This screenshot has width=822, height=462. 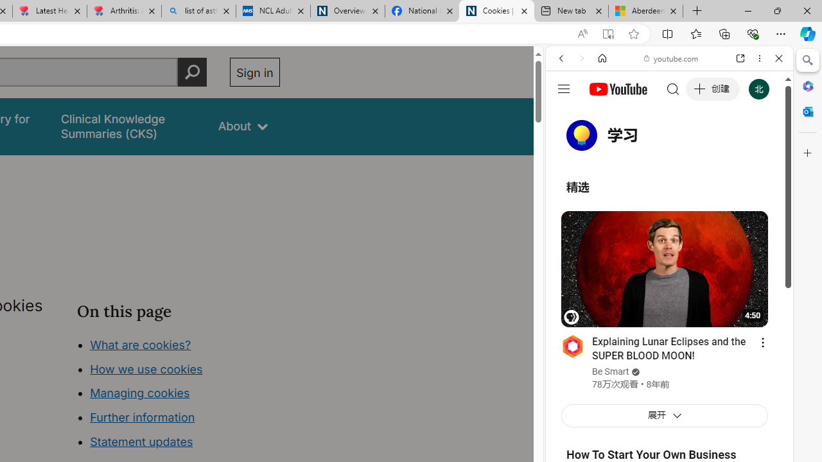 What do you see at coordinates (191, 72) in the screenshot?
I see `'Perform search'` at bounding box center [191, 72].